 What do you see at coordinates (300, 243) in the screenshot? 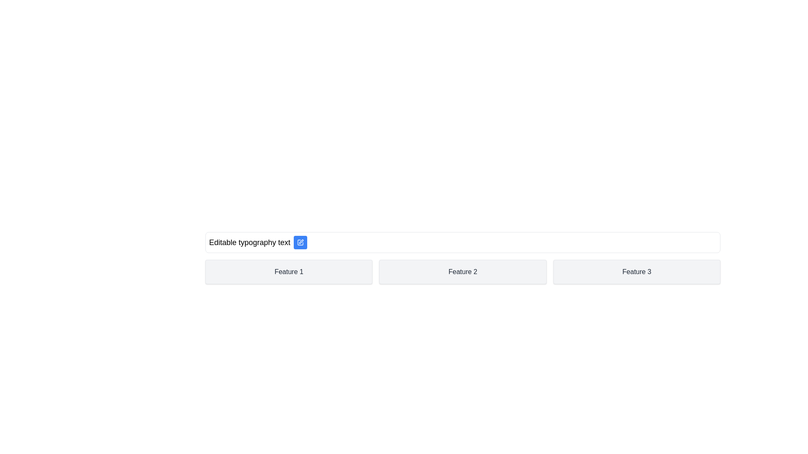
I see `the small blue button with a white pen icon inside it, which represents an edit functionality, to observe a color change` at bounding box center [300, 243].